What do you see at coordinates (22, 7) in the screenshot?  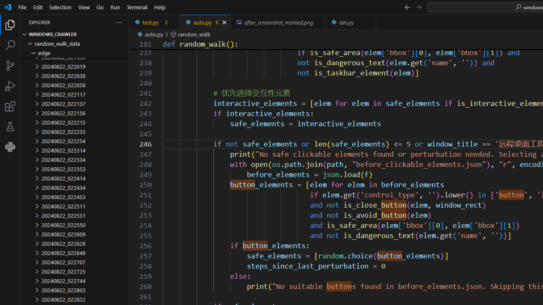 I see `'File'` at bounding box center [22, 7].